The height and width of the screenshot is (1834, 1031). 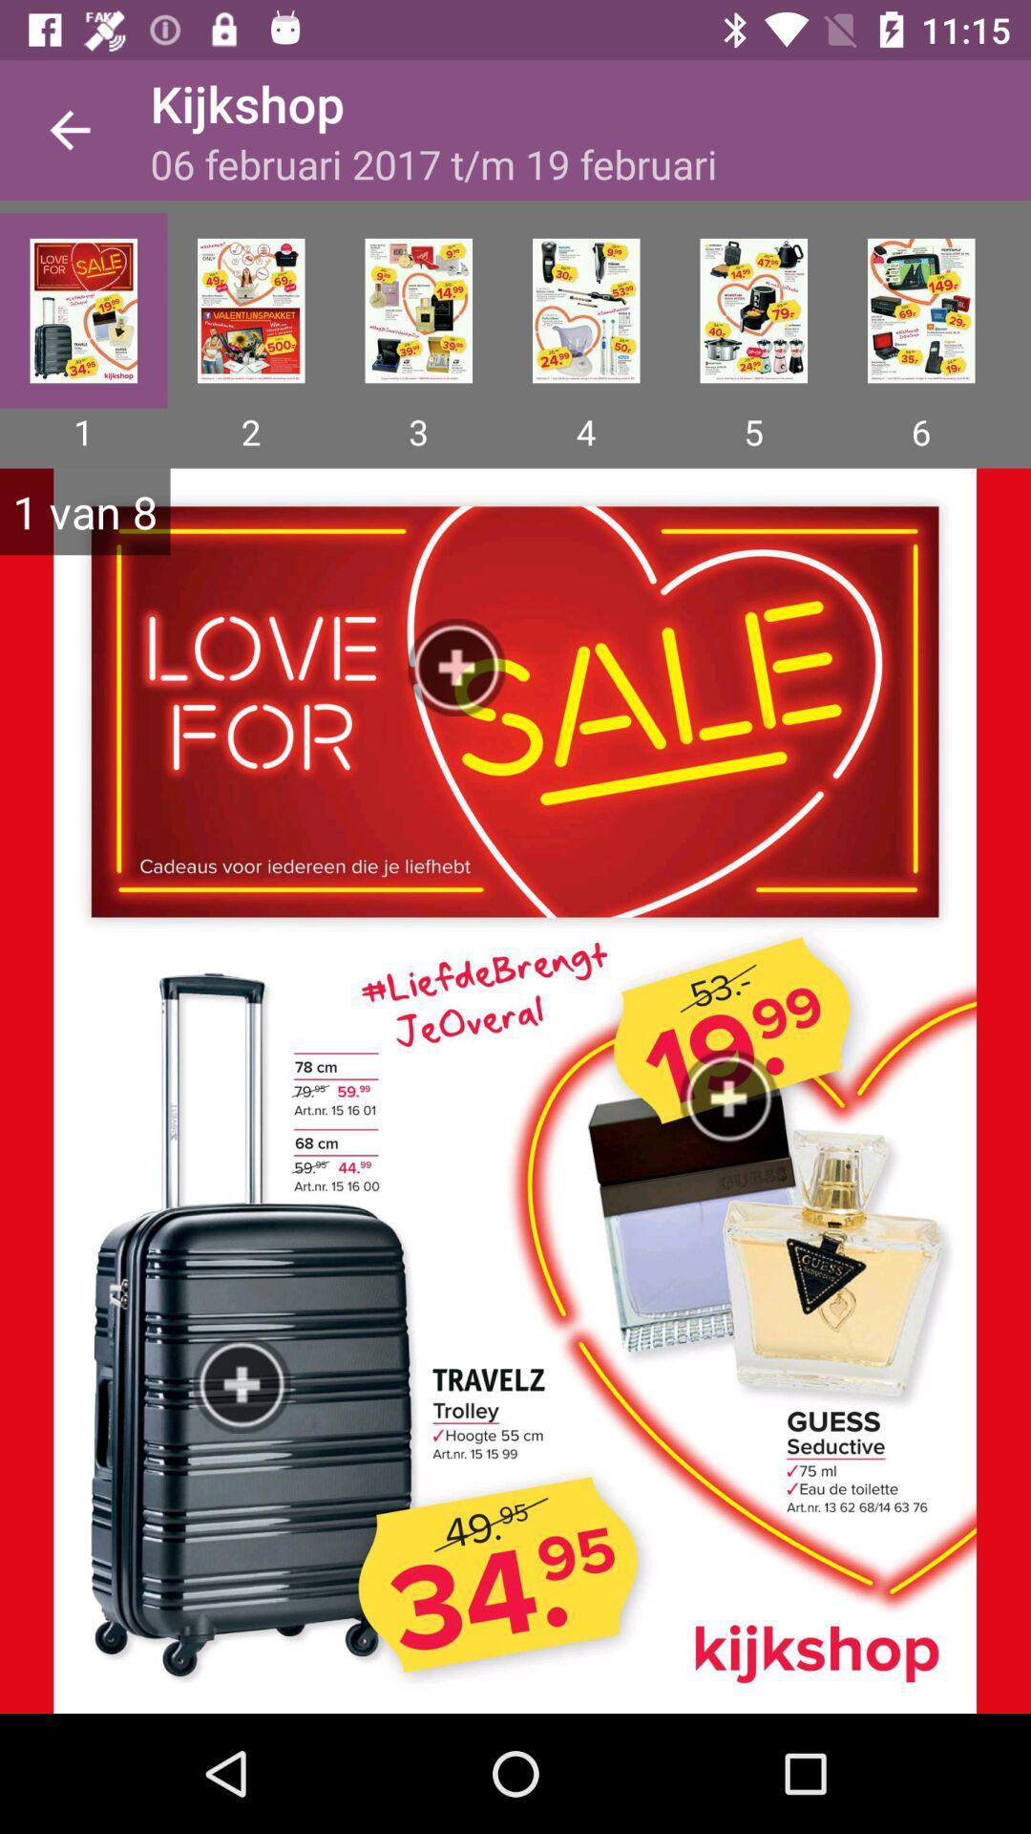 What do you see at coordinates (82, 310) in the screenshot?
I see `the icon above the 1 app` at bounding box center [82, 310].